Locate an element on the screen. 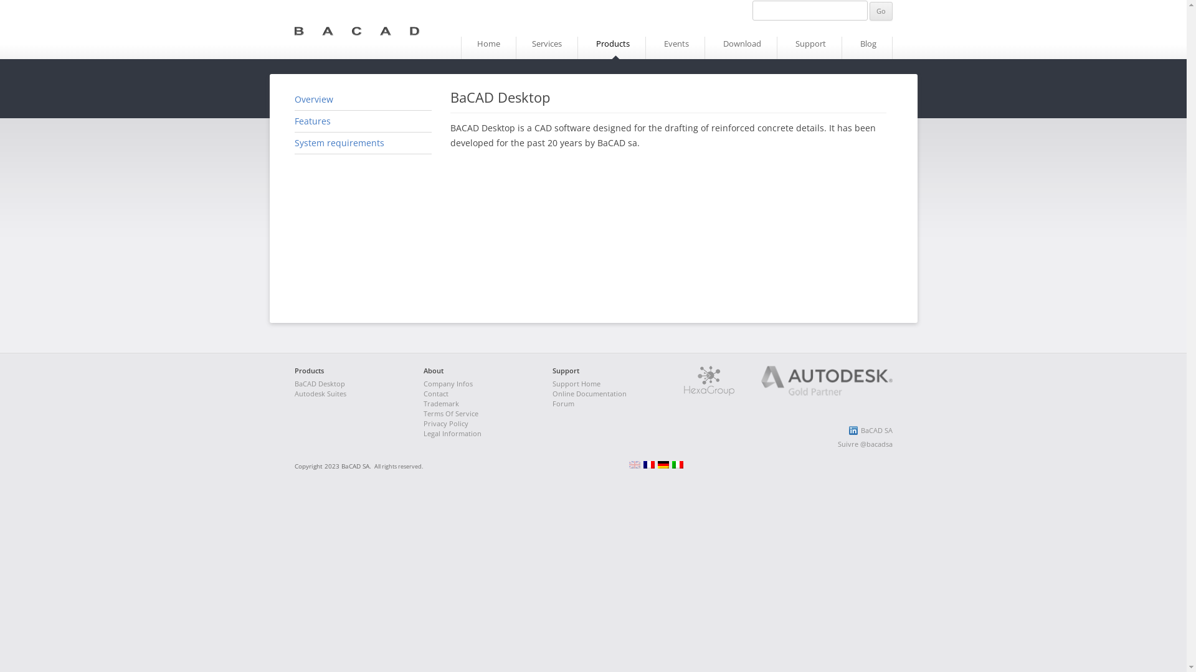 Image resolution: width=1196 pixels, height=672 pixels. 'BaCAD SA' is located at coordinates (876, 429).